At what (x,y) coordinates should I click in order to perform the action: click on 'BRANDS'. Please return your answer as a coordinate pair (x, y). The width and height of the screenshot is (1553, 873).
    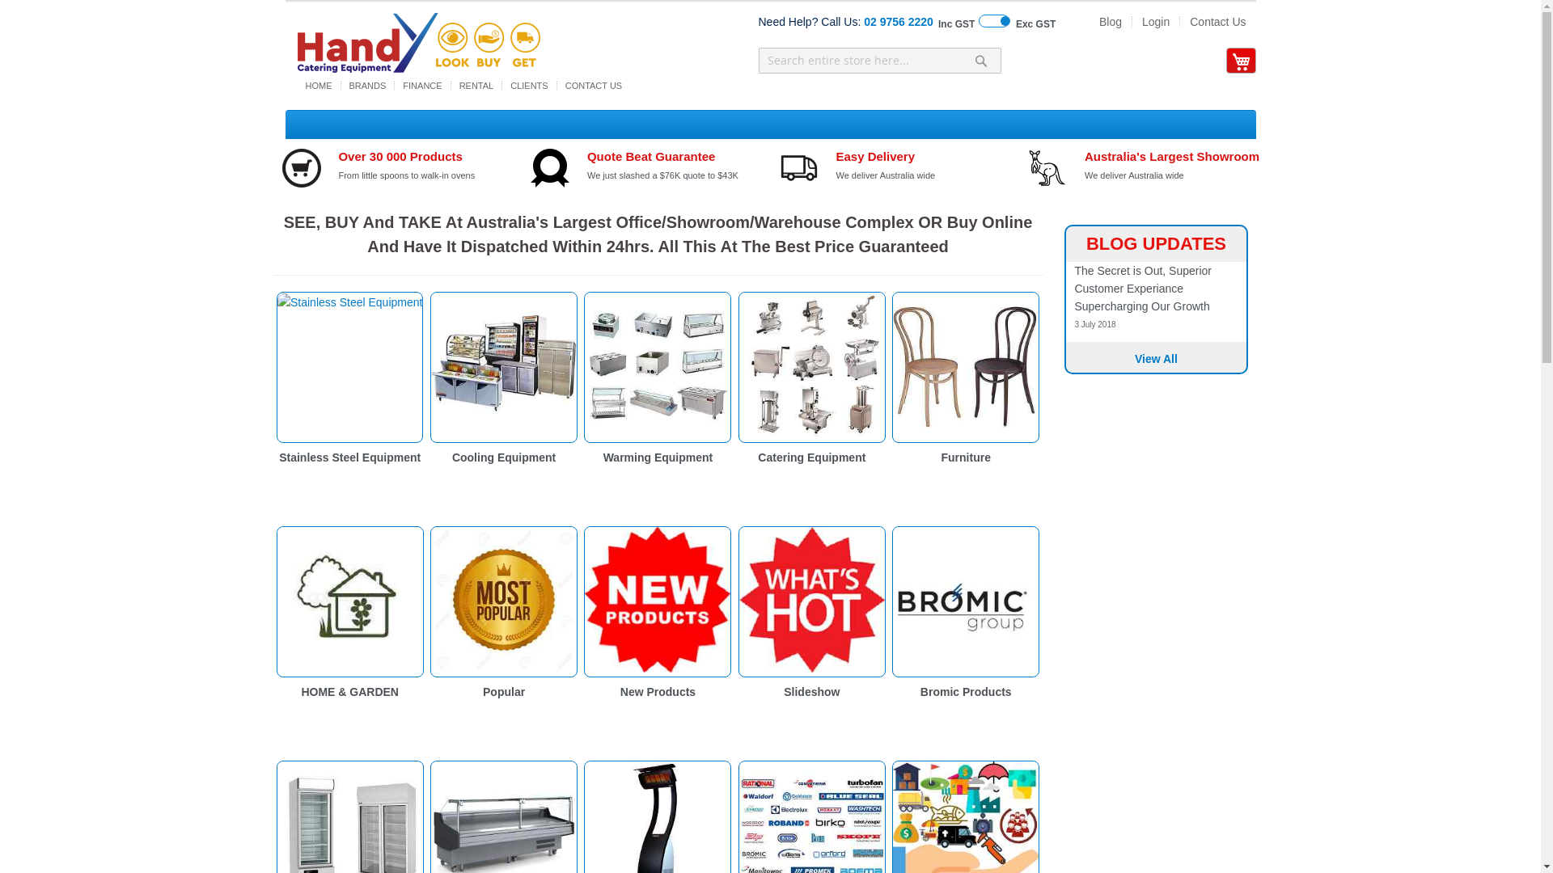
    Looking at the image, I should click on (367, 85).